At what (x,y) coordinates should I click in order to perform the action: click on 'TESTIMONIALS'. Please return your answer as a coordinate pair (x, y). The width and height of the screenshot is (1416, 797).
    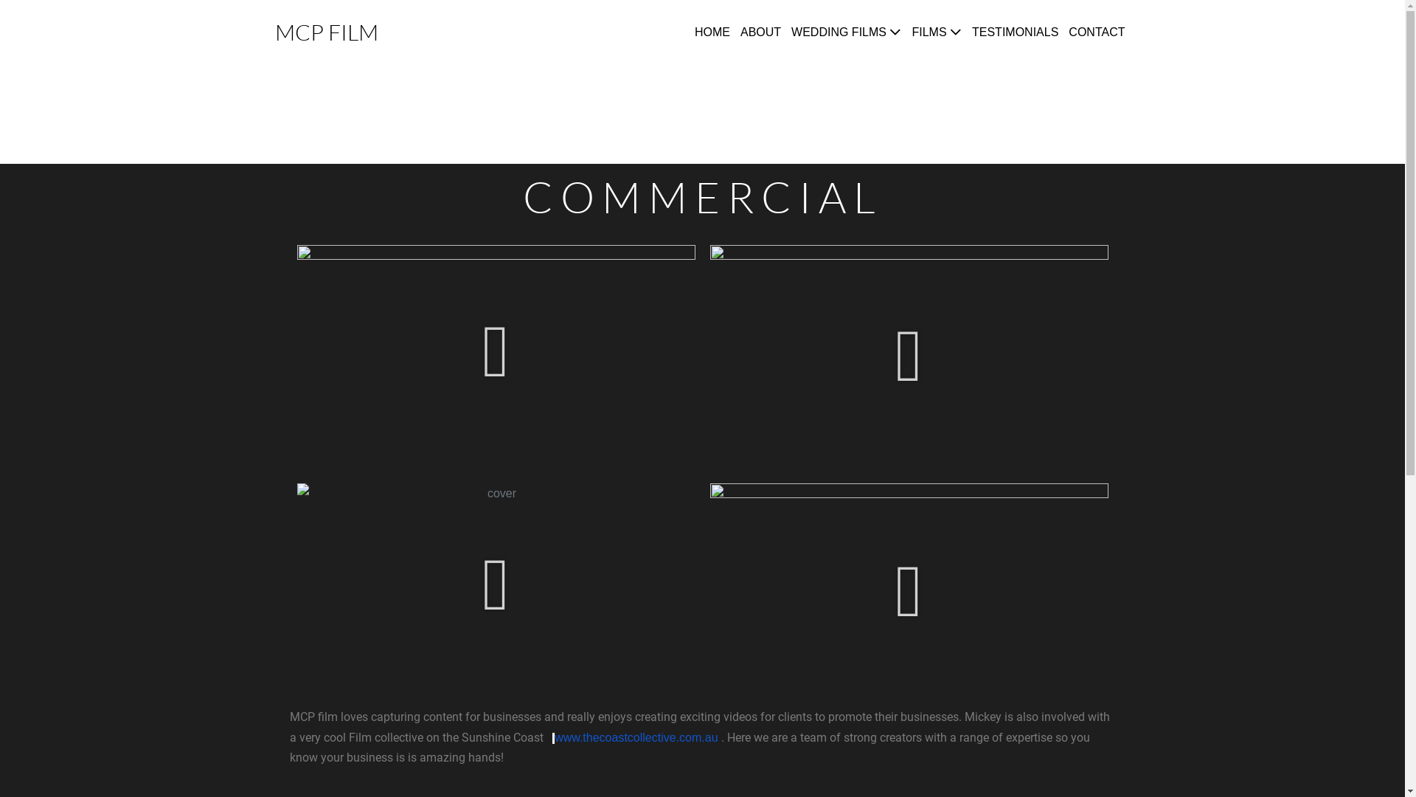
    Looking at the image, I should click on (1014, 32).